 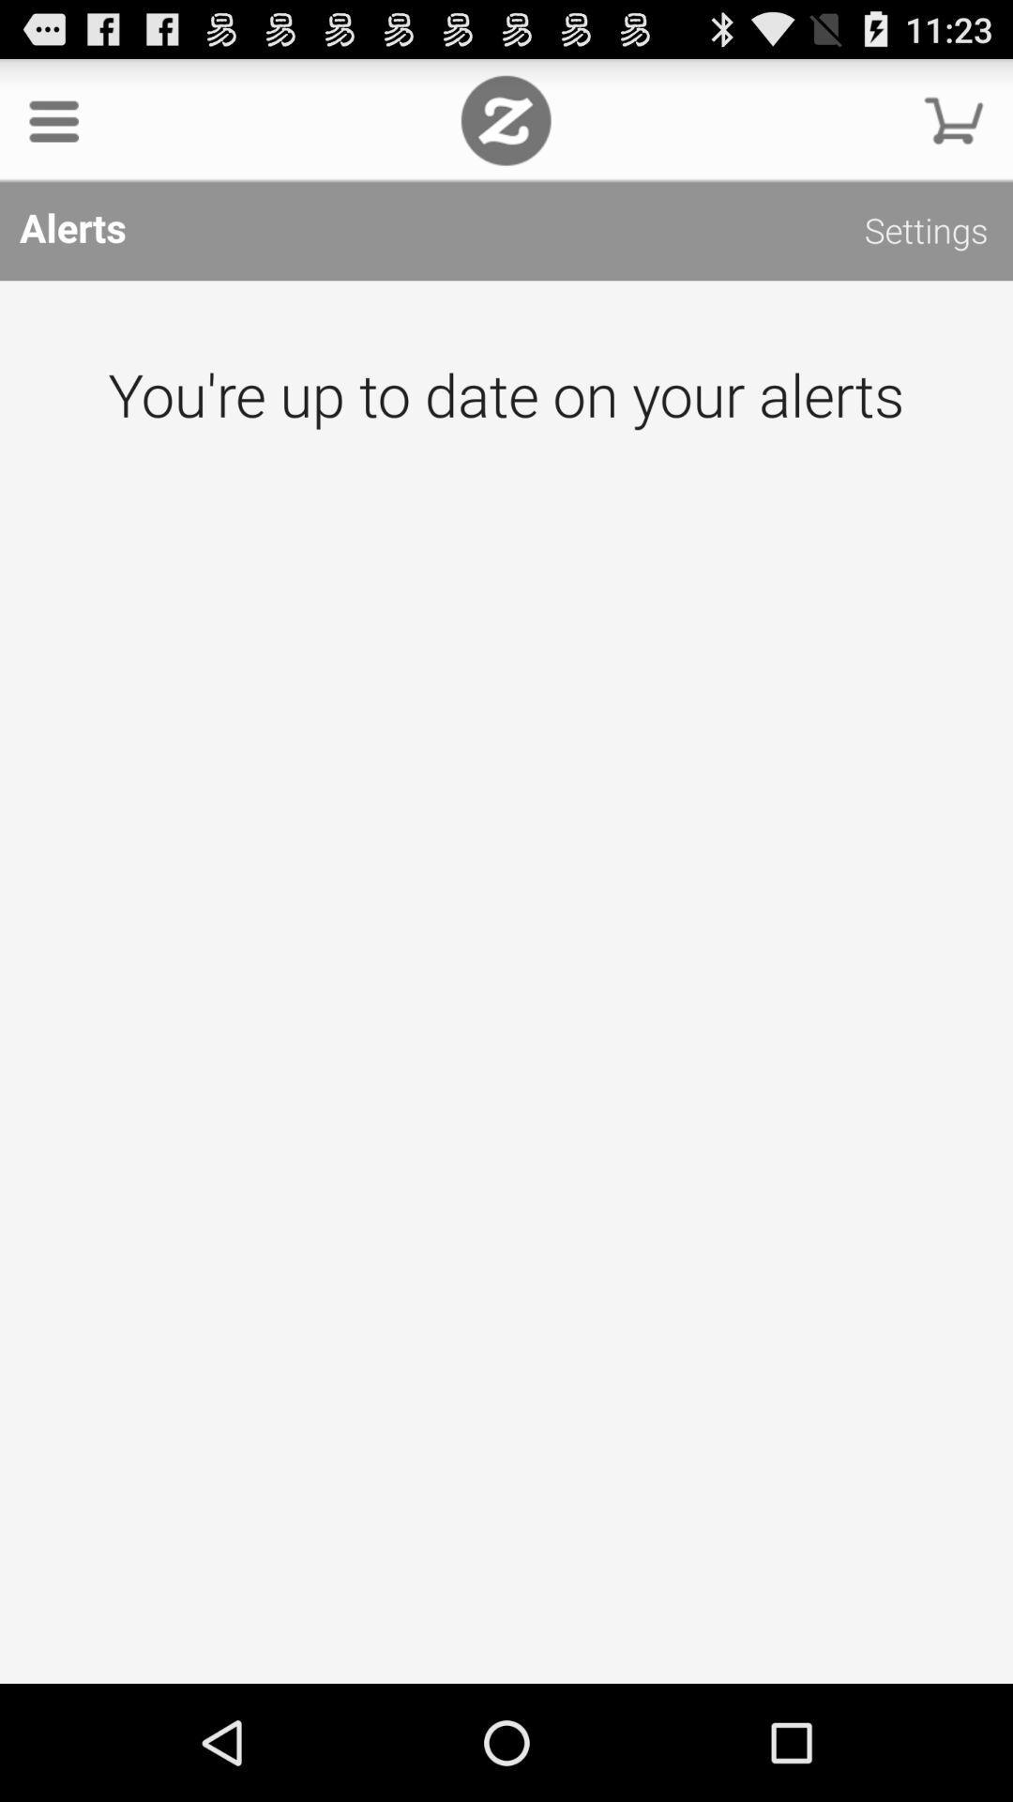 I want to click on the menu icon, so click(x=53, y=128).